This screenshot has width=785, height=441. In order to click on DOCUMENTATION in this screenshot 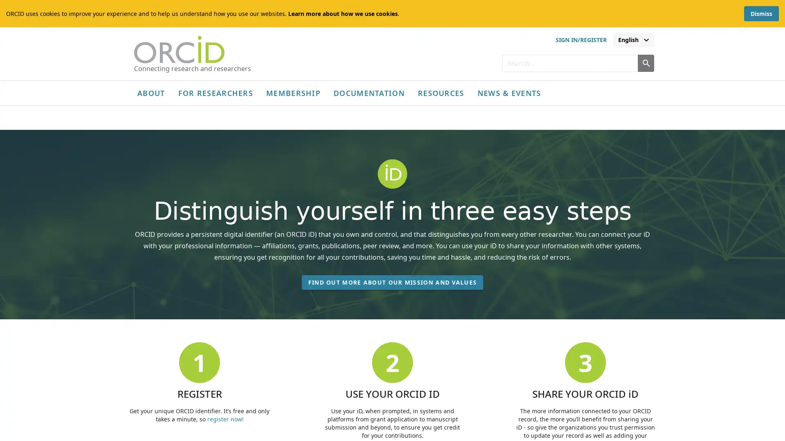, I will do `click(368, 92)`.